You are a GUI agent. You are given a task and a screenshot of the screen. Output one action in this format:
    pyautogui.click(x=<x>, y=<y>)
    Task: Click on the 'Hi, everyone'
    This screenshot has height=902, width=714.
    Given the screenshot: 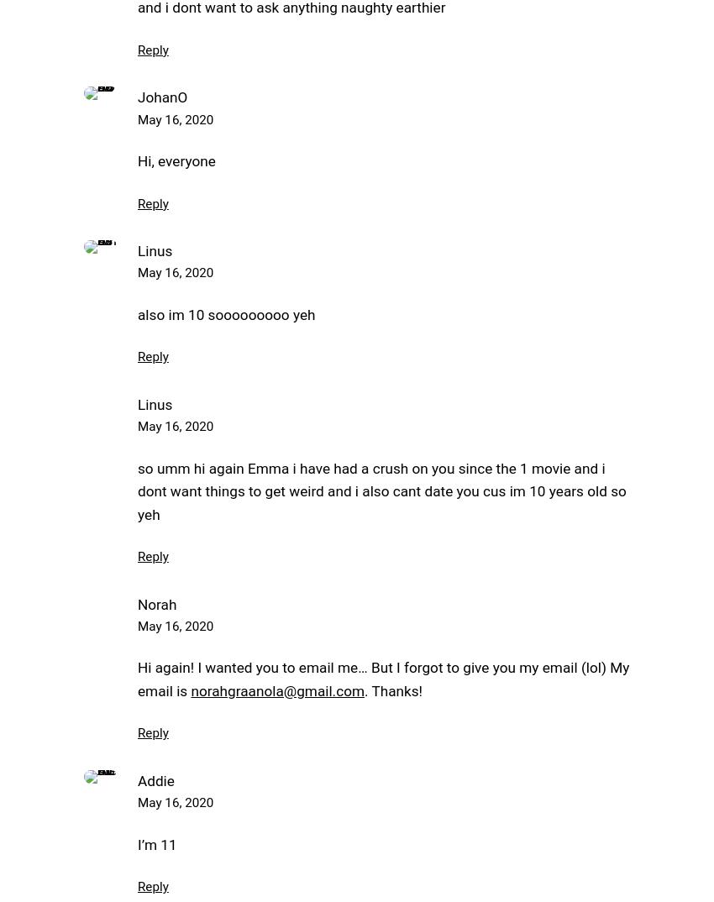 What is the action you would take?
    pyautogui.click(x=176, y=160)
    